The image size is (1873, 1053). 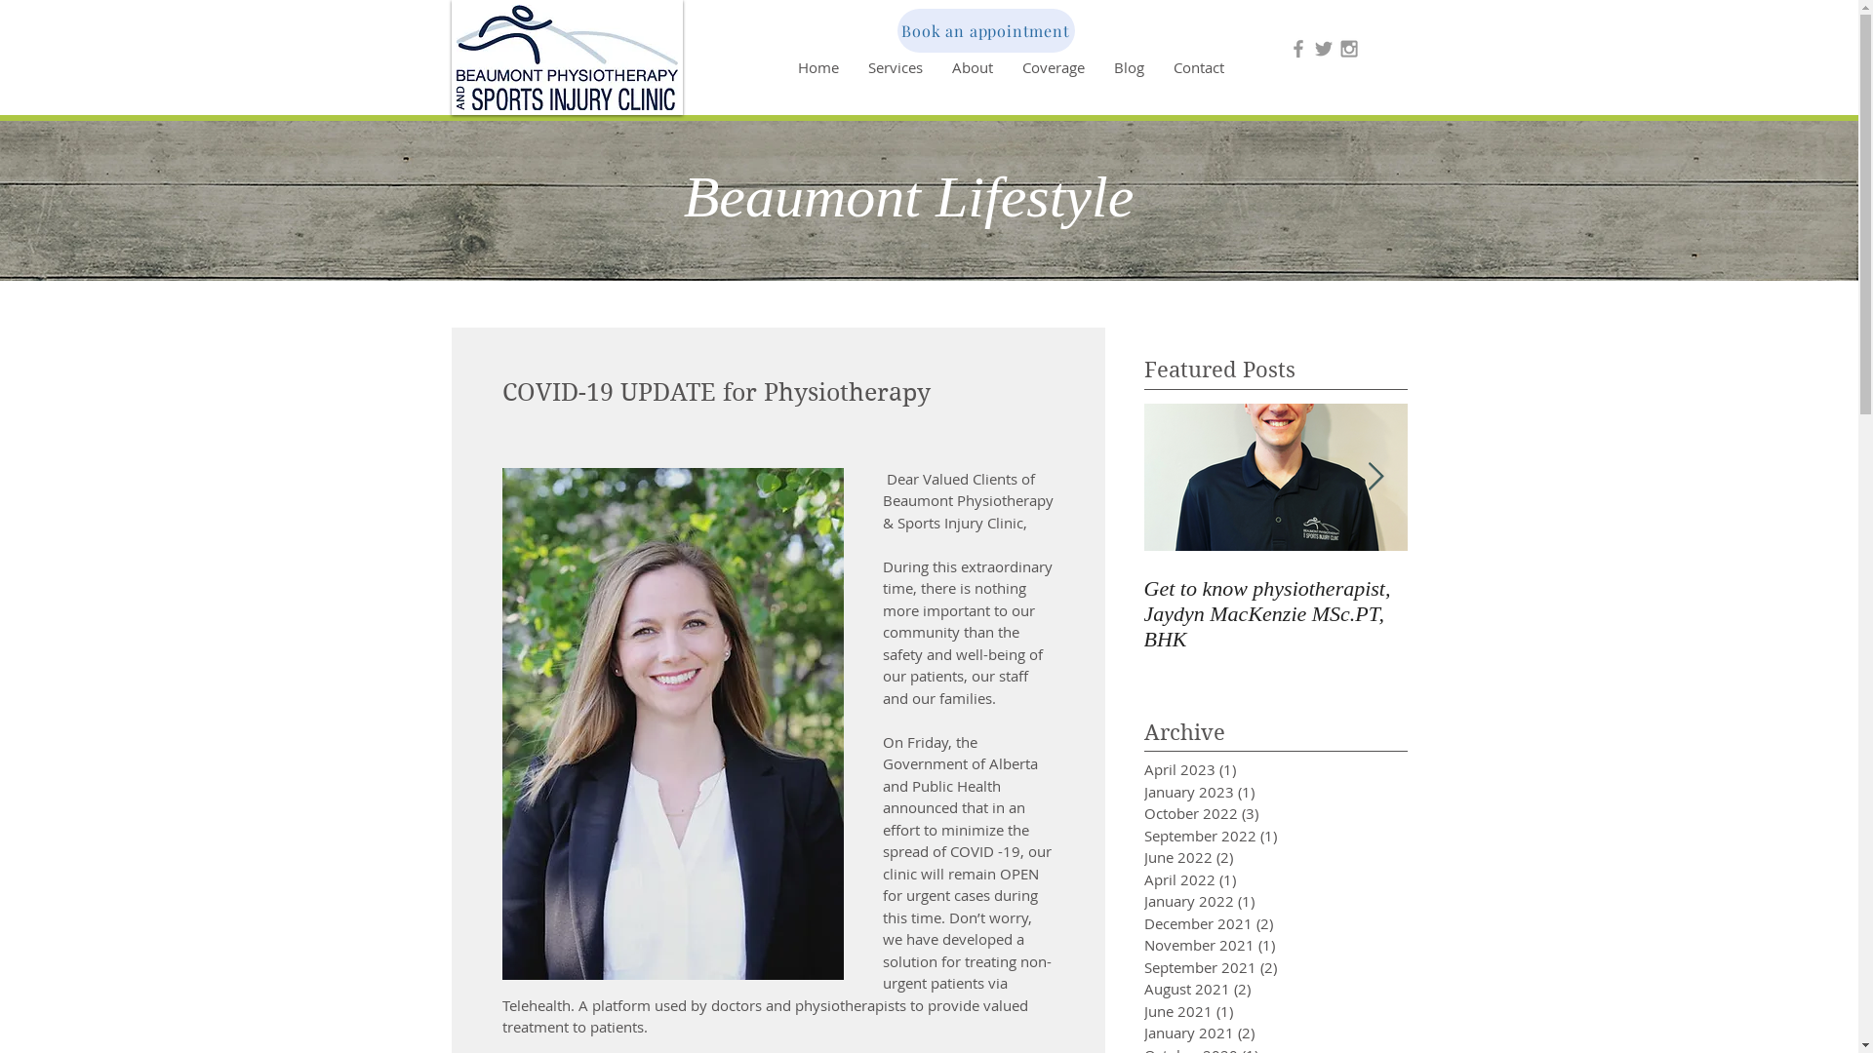 What do you see at coordinates (1142, 1032) in the screenshot?
I see `'January 2021 (2)'` at bounding box center [1142, 1032].